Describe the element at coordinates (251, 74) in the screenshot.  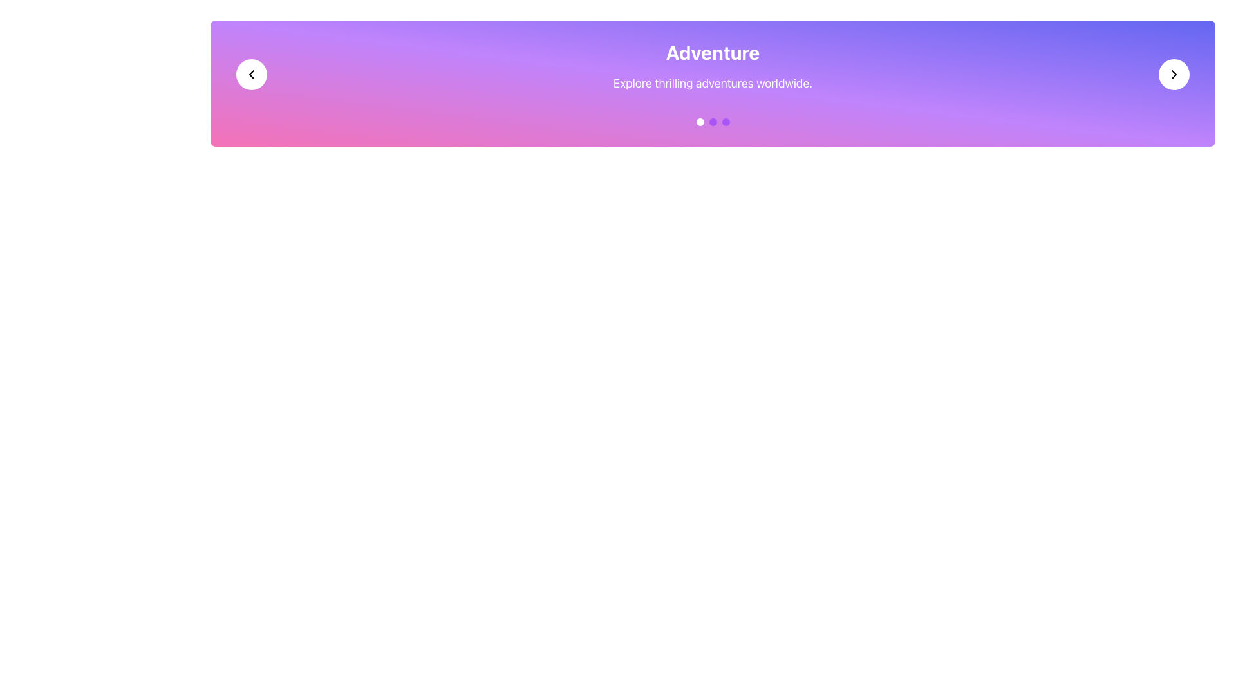
I see `the circular button with a white background and black left-pointing chevron icon` at that location.